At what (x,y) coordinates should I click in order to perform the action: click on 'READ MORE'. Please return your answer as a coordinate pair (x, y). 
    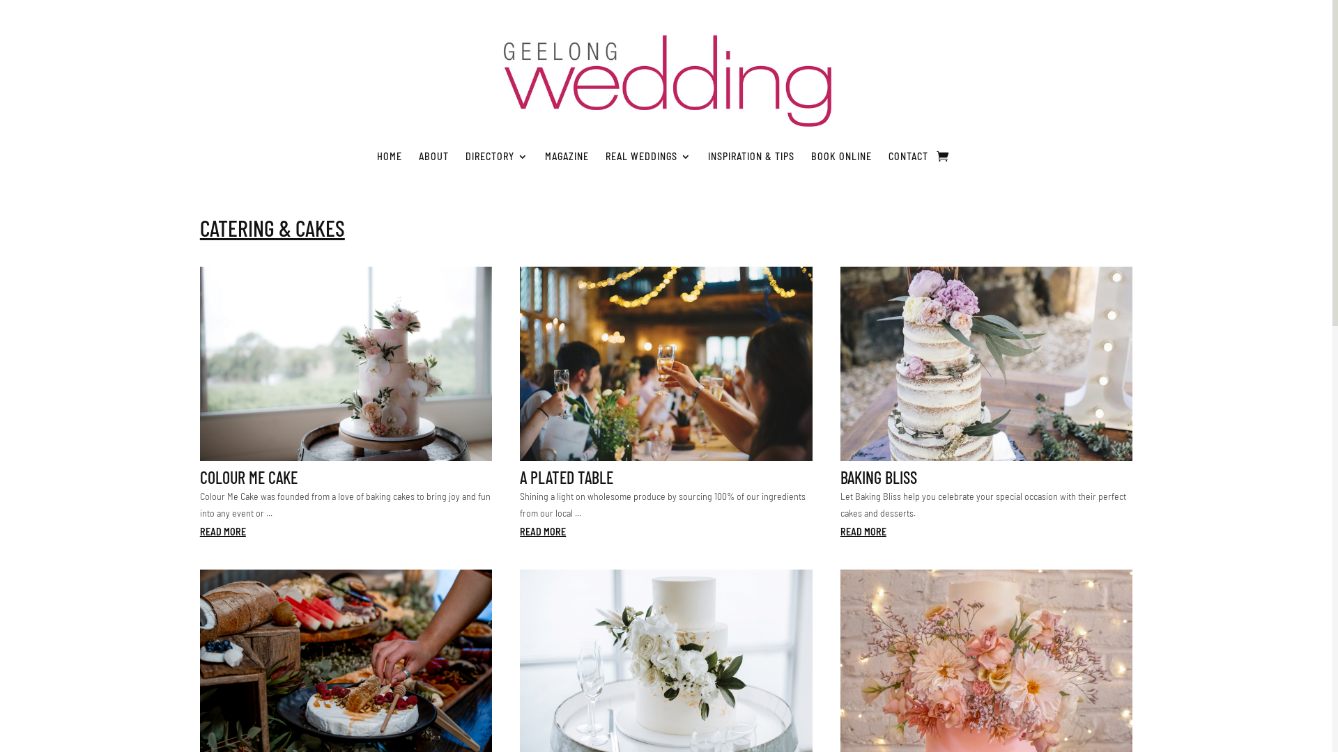
    Looking at the image, I should click on (223, 531).